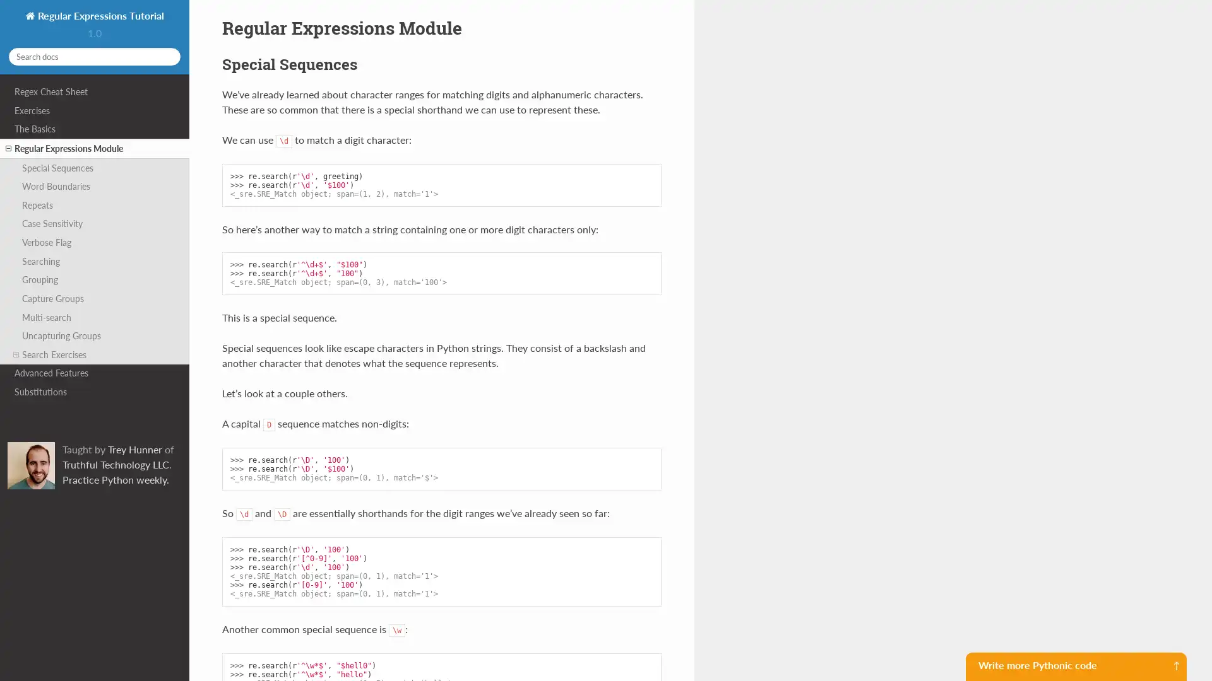  Describe the element at coordinates (1075, 632) in the screenshot. I see `Sign me up for Python Morsels!` at that location.